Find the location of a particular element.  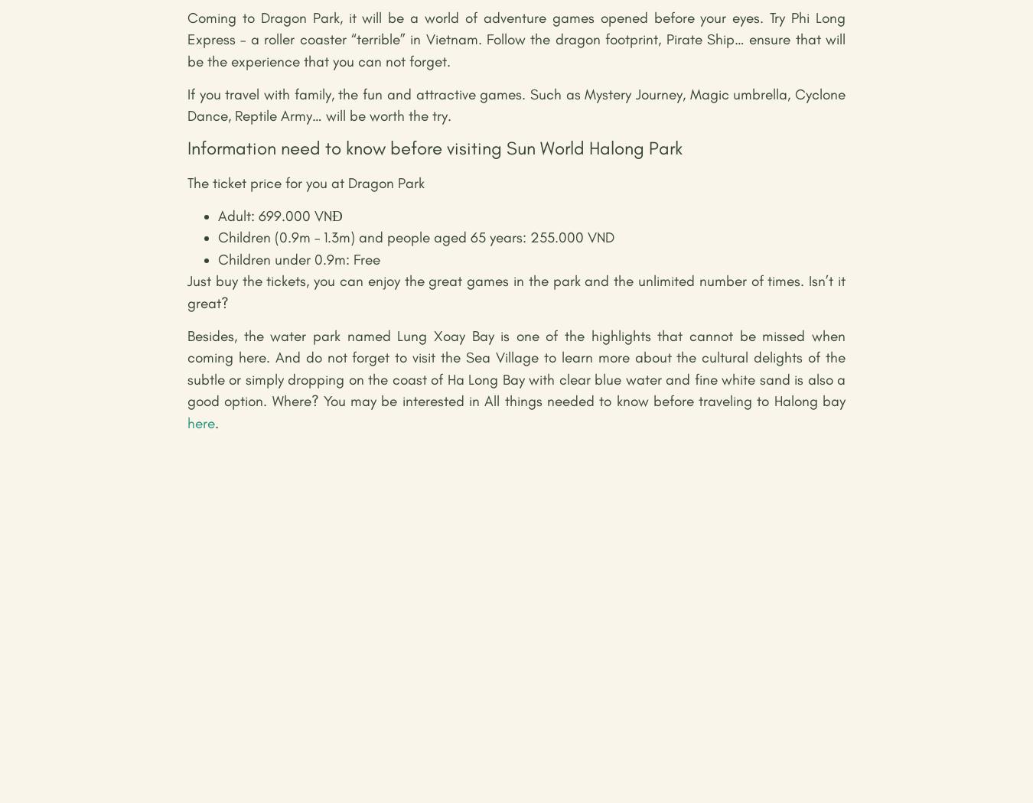

'The ticket price for you at Dragon Park' is located at coordinates (306, 182).